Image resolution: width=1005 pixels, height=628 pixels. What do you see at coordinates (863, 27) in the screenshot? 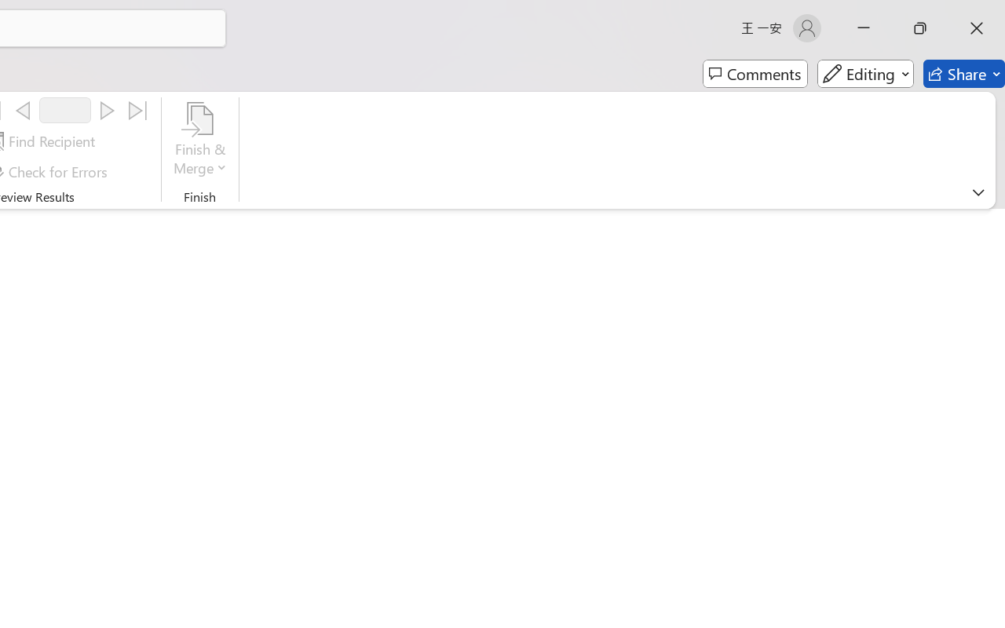
I see `'Minimize'` at bounding box center [863, 27].